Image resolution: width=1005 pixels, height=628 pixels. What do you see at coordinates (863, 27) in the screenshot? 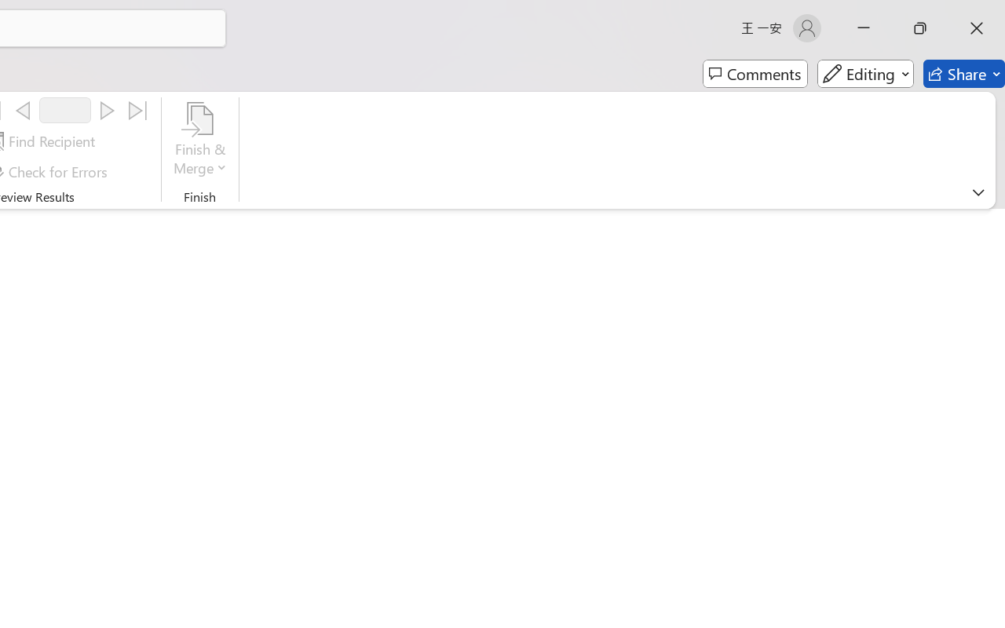
I see `'Minimize'` at bounding box center [863, 27].